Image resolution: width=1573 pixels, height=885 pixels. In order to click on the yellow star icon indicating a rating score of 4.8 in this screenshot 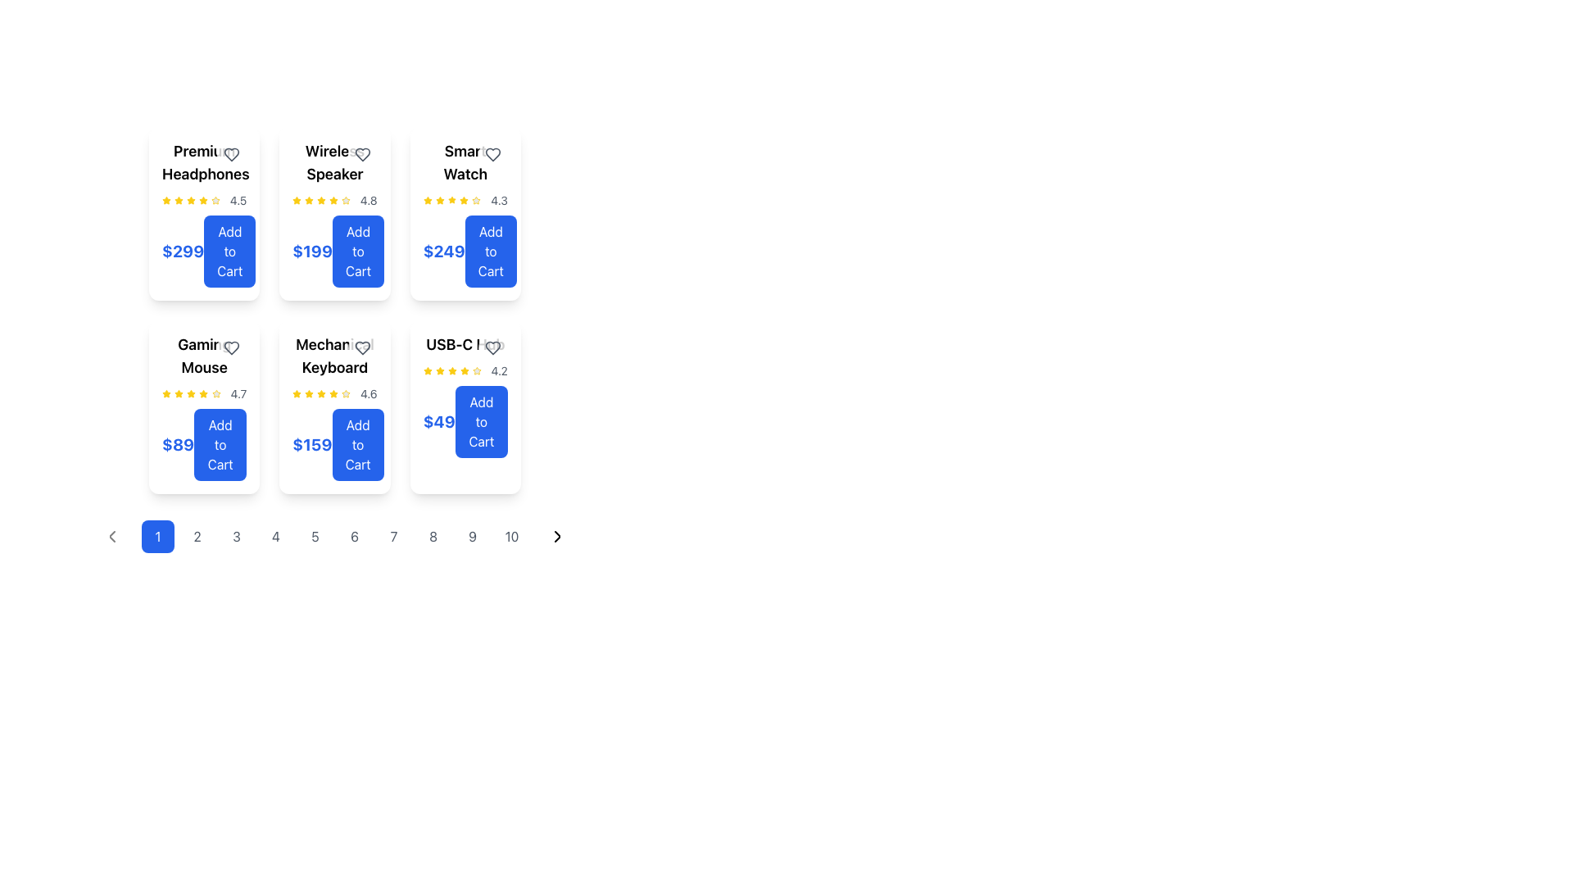, I will do `click(333, 200)`.